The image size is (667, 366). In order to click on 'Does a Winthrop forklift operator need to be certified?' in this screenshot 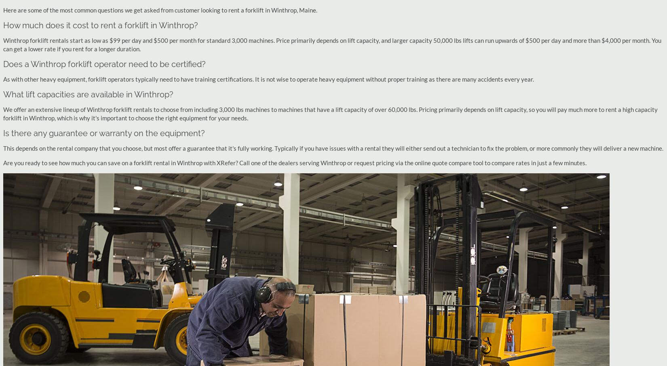, I will do `click(104, 64)`.